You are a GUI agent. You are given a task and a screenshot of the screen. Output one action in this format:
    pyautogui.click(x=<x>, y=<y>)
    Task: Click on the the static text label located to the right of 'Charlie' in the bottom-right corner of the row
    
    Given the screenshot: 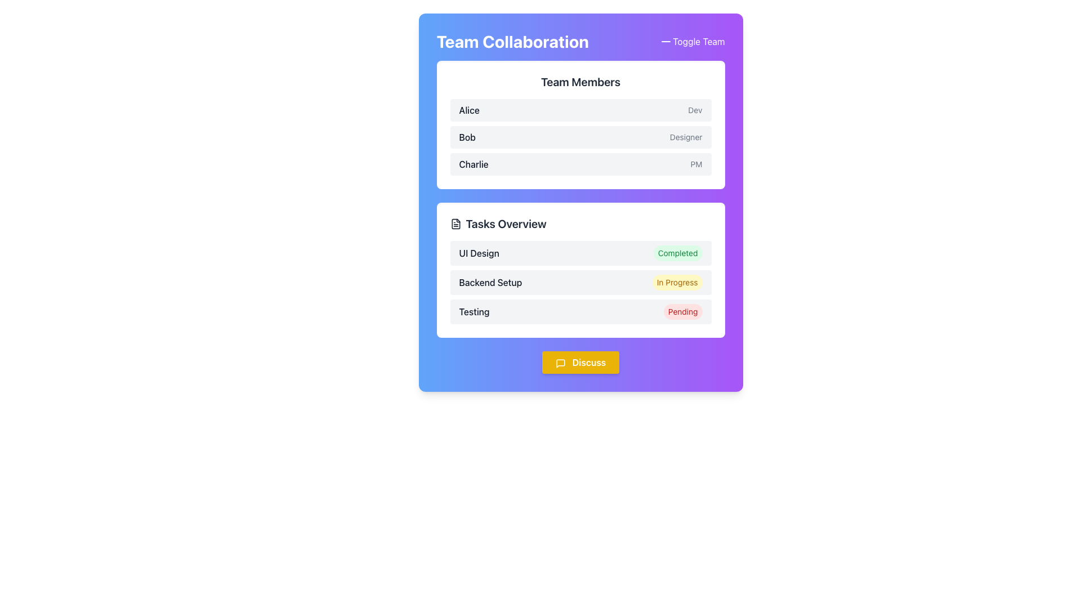 What is the action you would take?
    pyautogui.click(x=696, y=164)
    